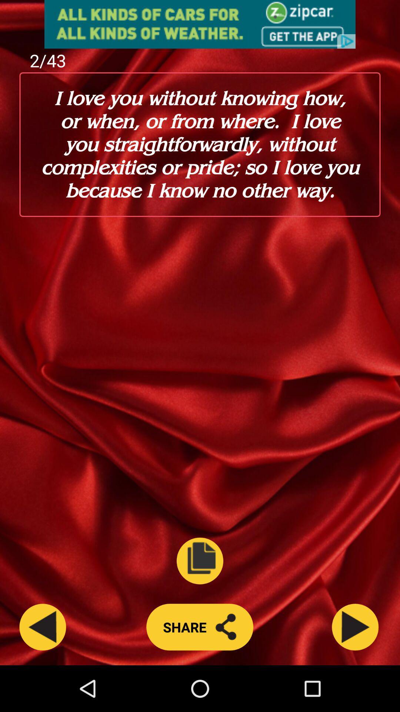 Image resolution: width=400 pixels, height=712 pixels. I want to click on the play icon, so click(355, 671).